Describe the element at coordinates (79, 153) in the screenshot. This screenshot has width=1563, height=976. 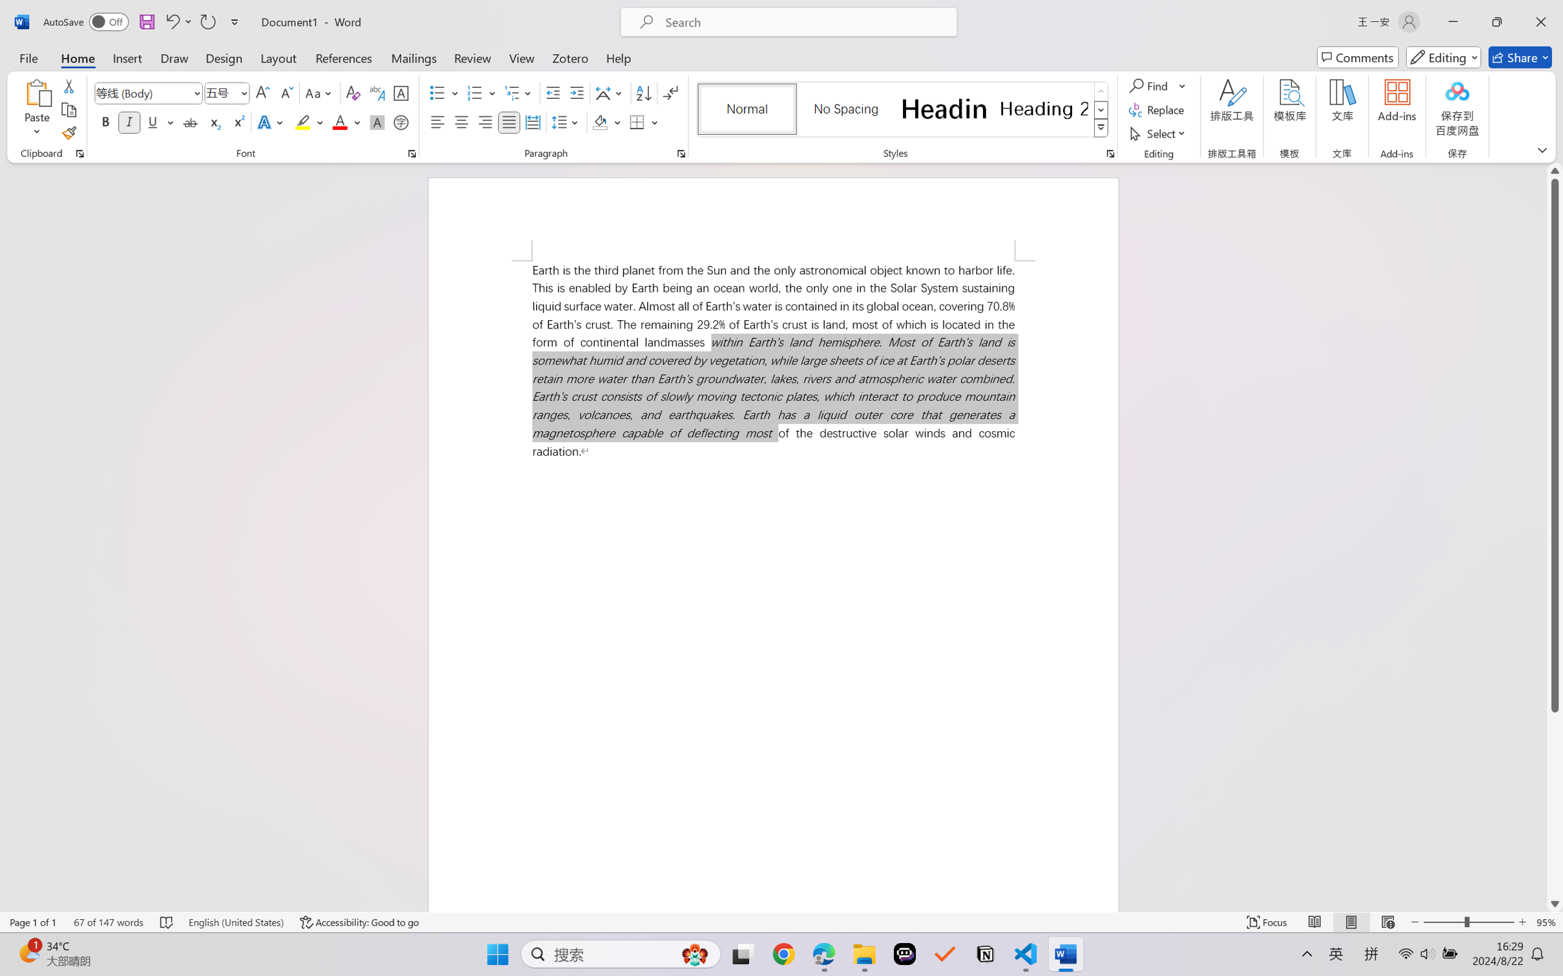
I see `'Office Clipboard...'` at that location.